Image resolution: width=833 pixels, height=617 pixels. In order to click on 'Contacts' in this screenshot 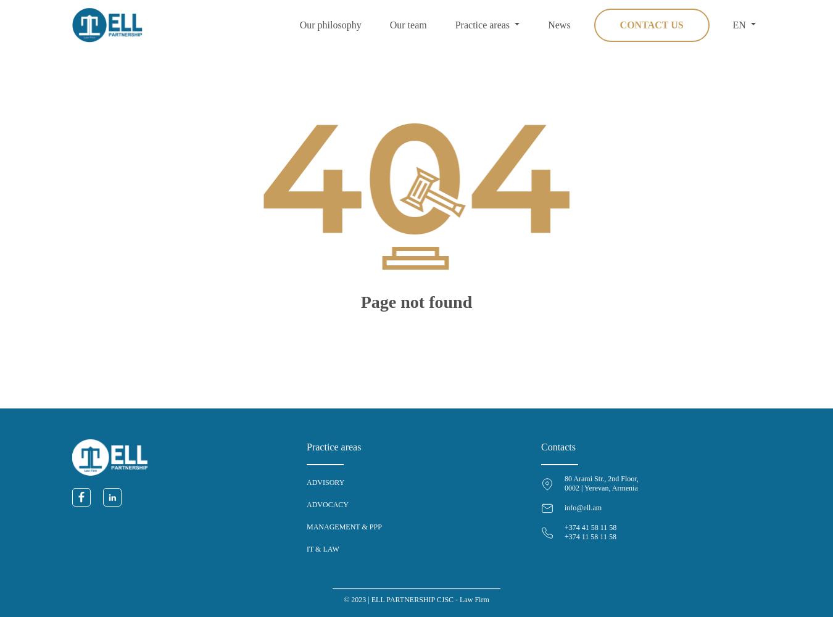, I will do `click(558, 445)`.